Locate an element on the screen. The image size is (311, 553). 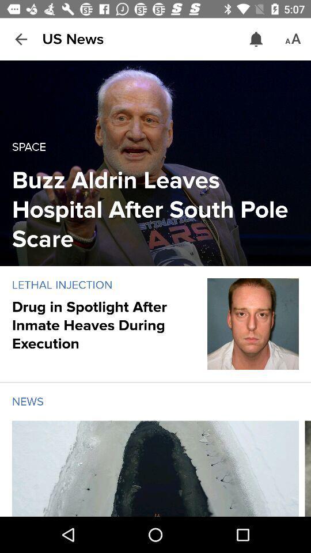
next news is located at coordinates (308, 468).